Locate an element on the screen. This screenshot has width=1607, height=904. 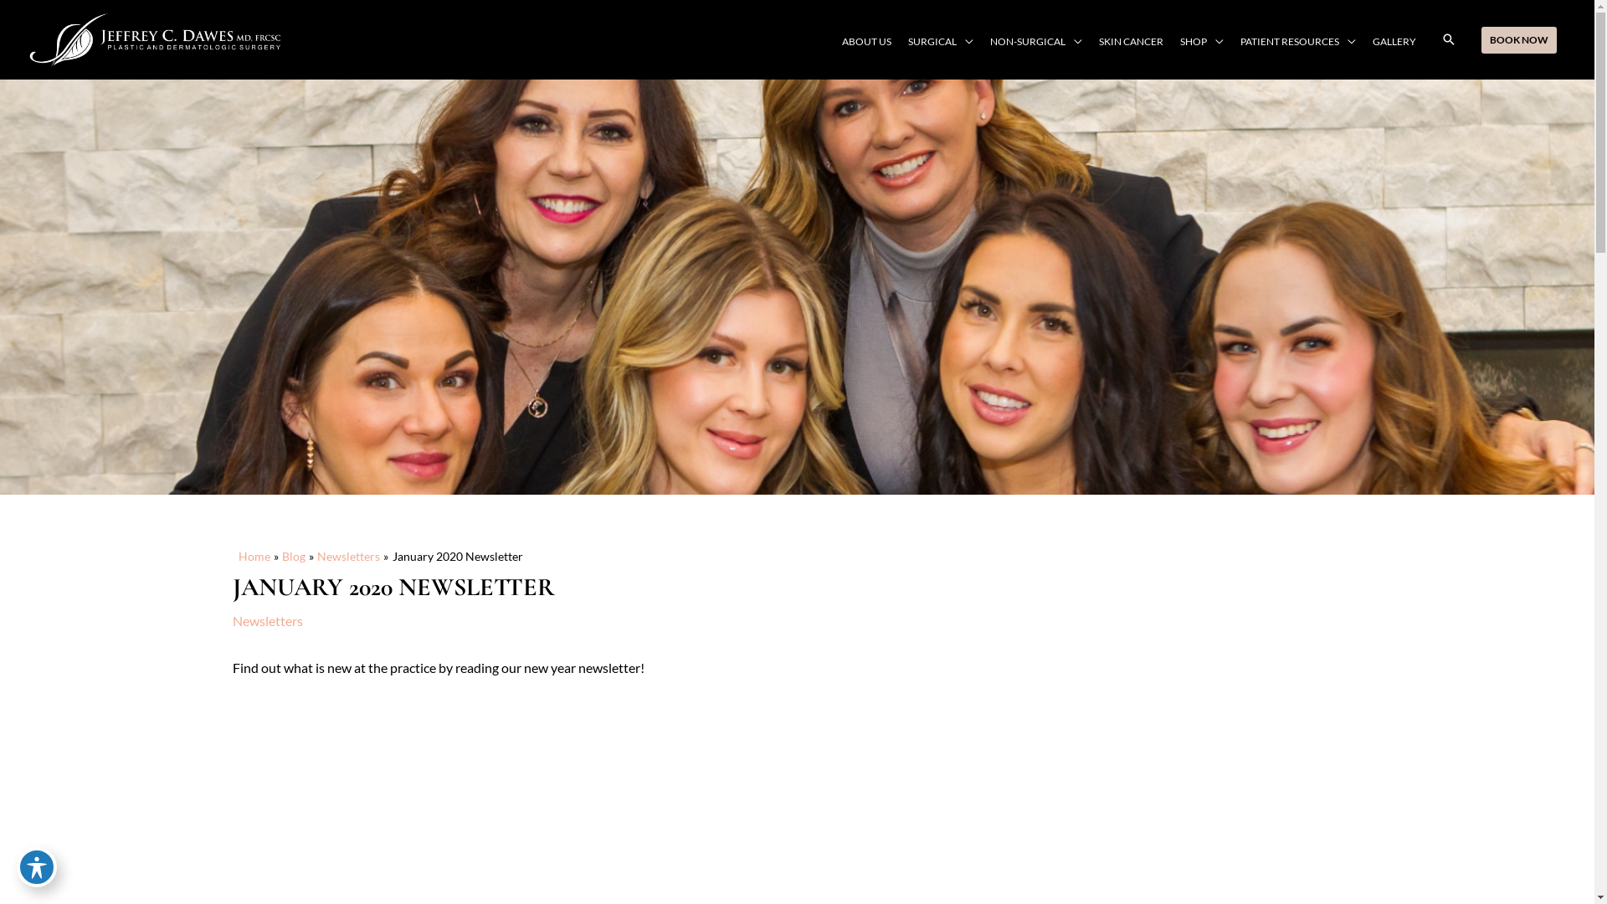
'SKIN CANCER' is located at coordinates (1131, 41).